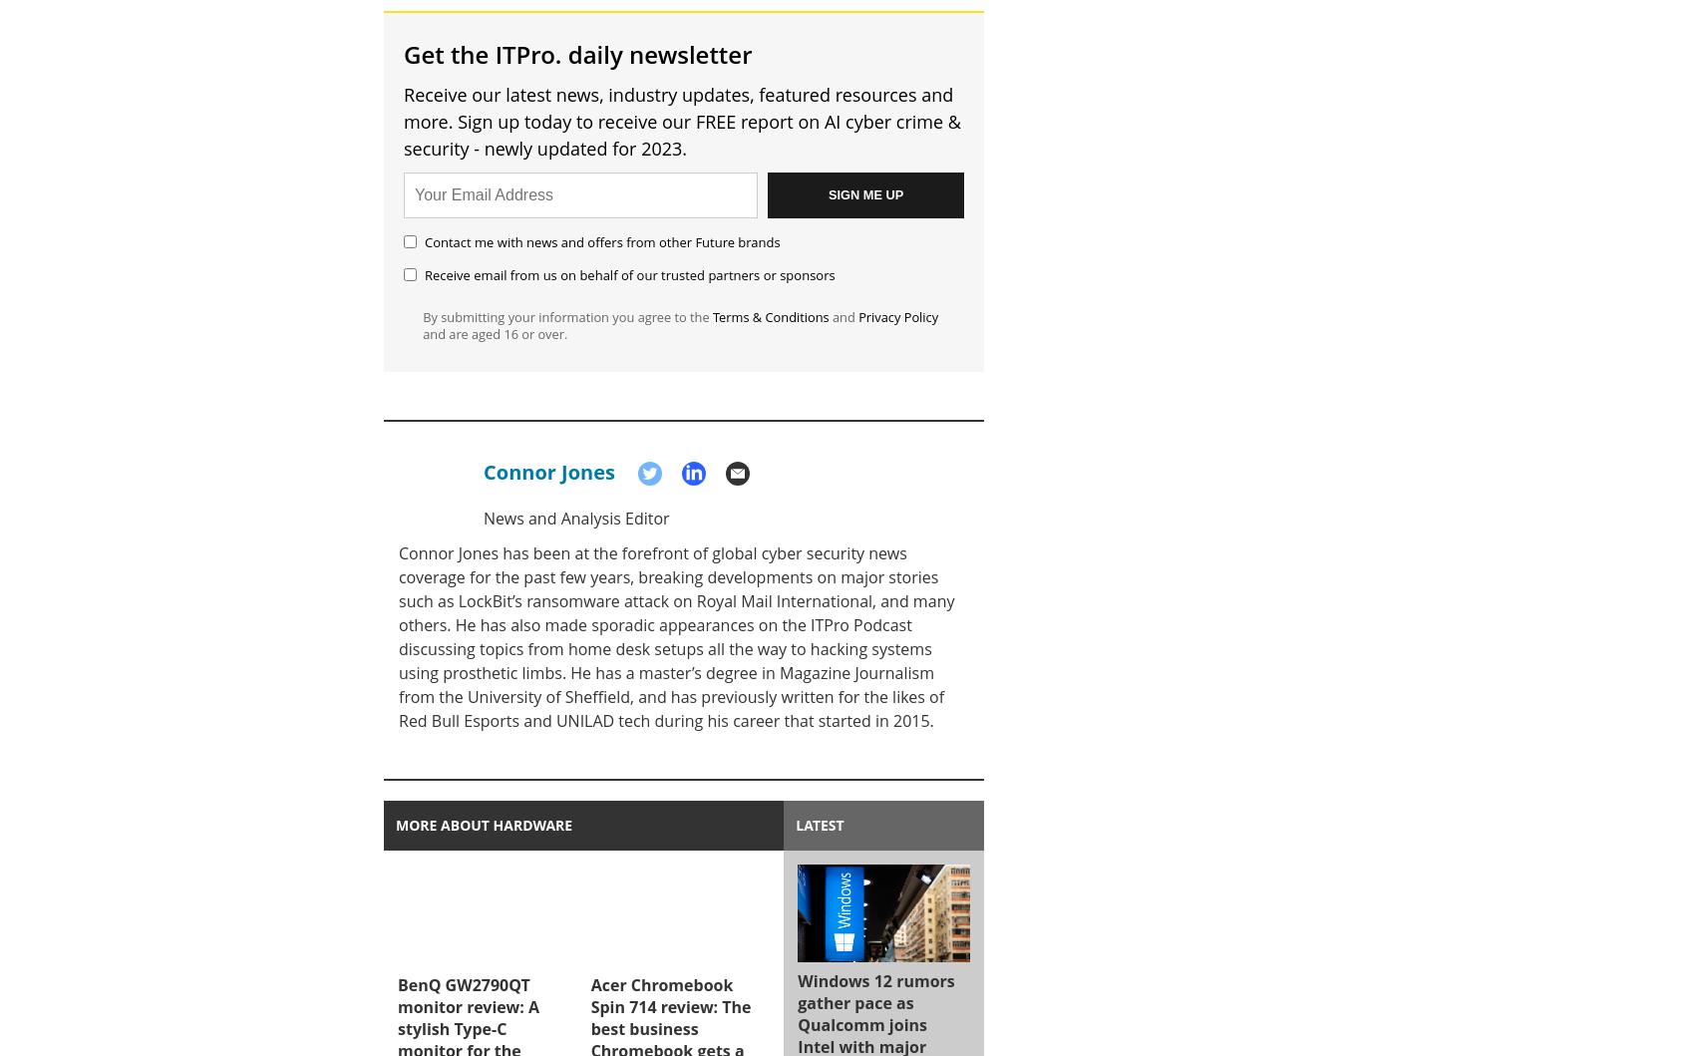  Describe the element at coordinates (548, 472) in the screenshot. I see `'Connor Jones'` at that location.